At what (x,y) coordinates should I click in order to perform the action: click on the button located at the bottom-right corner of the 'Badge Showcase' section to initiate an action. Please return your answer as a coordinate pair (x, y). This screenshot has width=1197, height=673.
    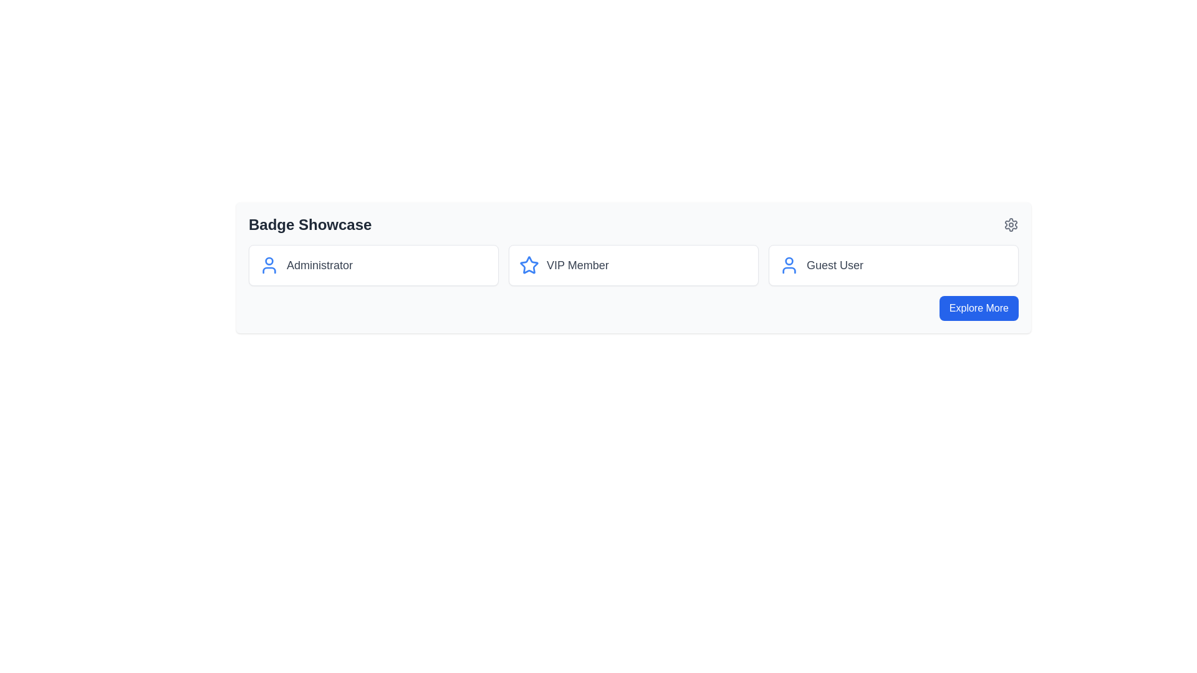
    Looking at the image, I should click on (978, 308).